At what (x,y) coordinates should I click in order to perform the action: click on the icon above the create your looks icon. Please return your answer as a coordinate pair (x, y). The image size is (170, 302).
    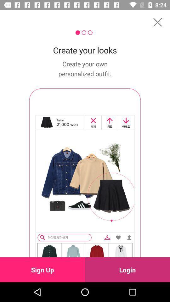
    Looking at the image, I should click on (157, 22).